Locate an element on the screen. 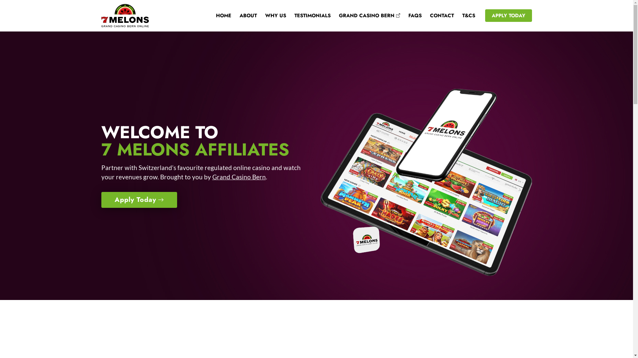 The width and height of the screenshot is (638, 358). 'ABOUT' is located at coordinates (231, 15).